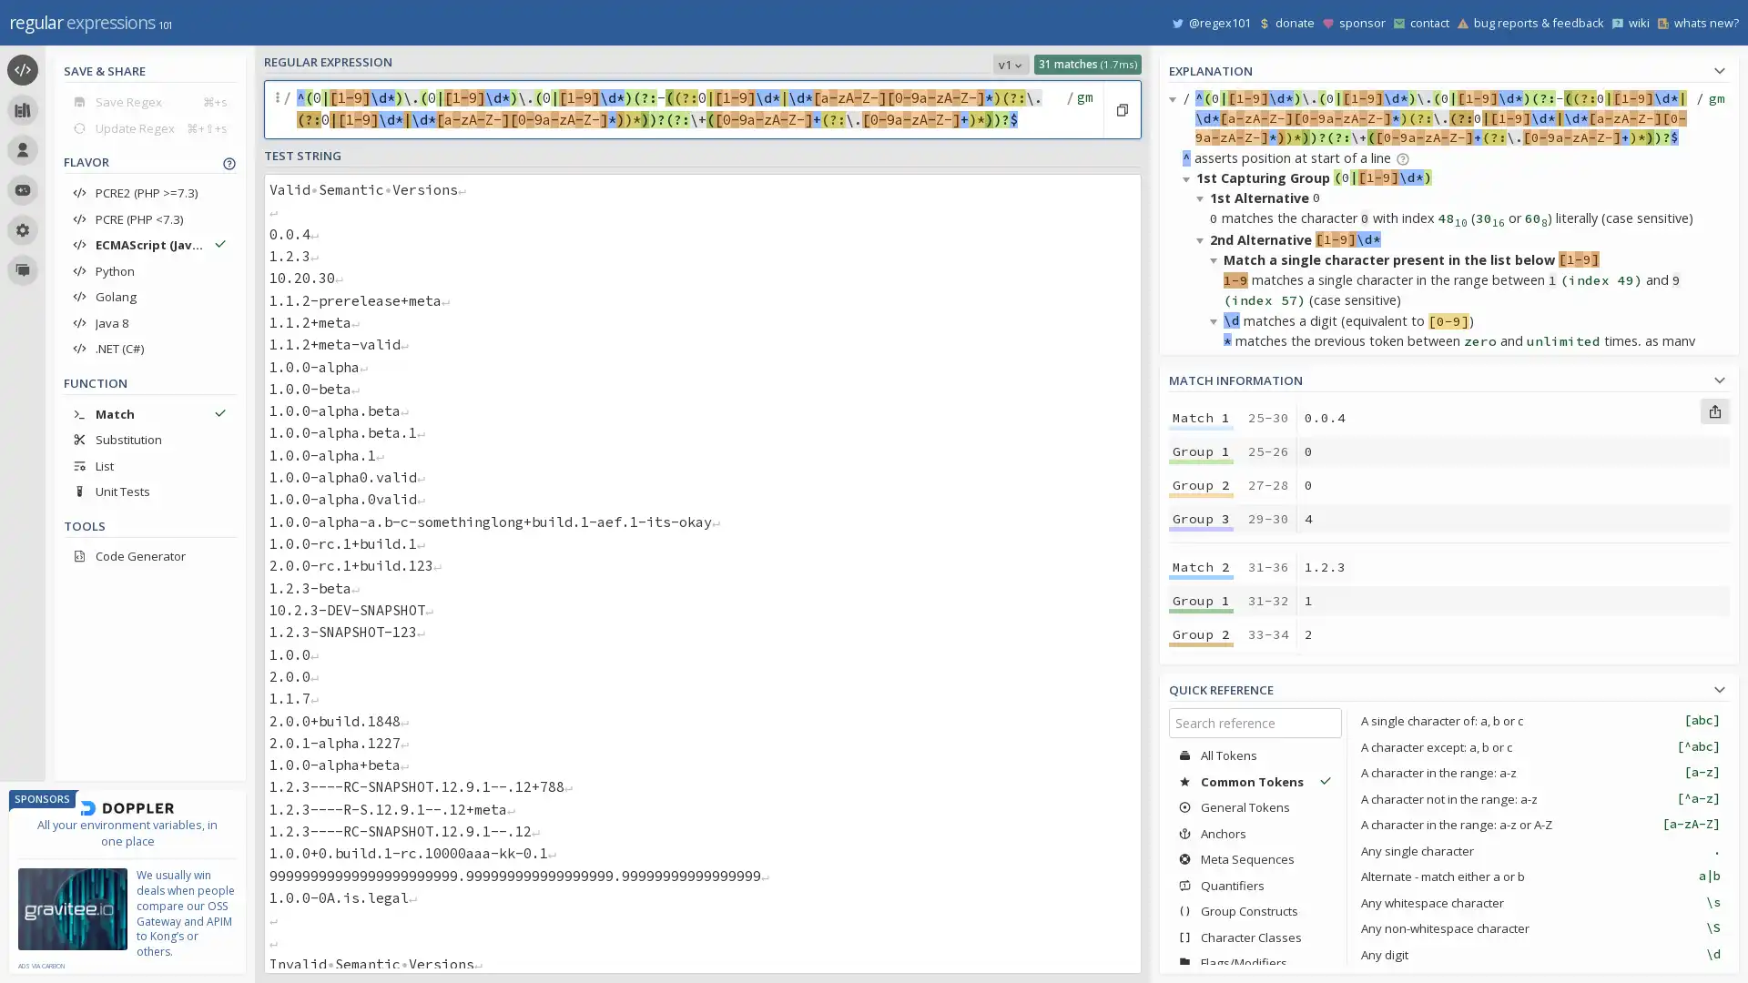  Describe the element at coordinates (149, 193) in the screenshot. I see `PCRE2 (PHP >=7.3)` at that location.